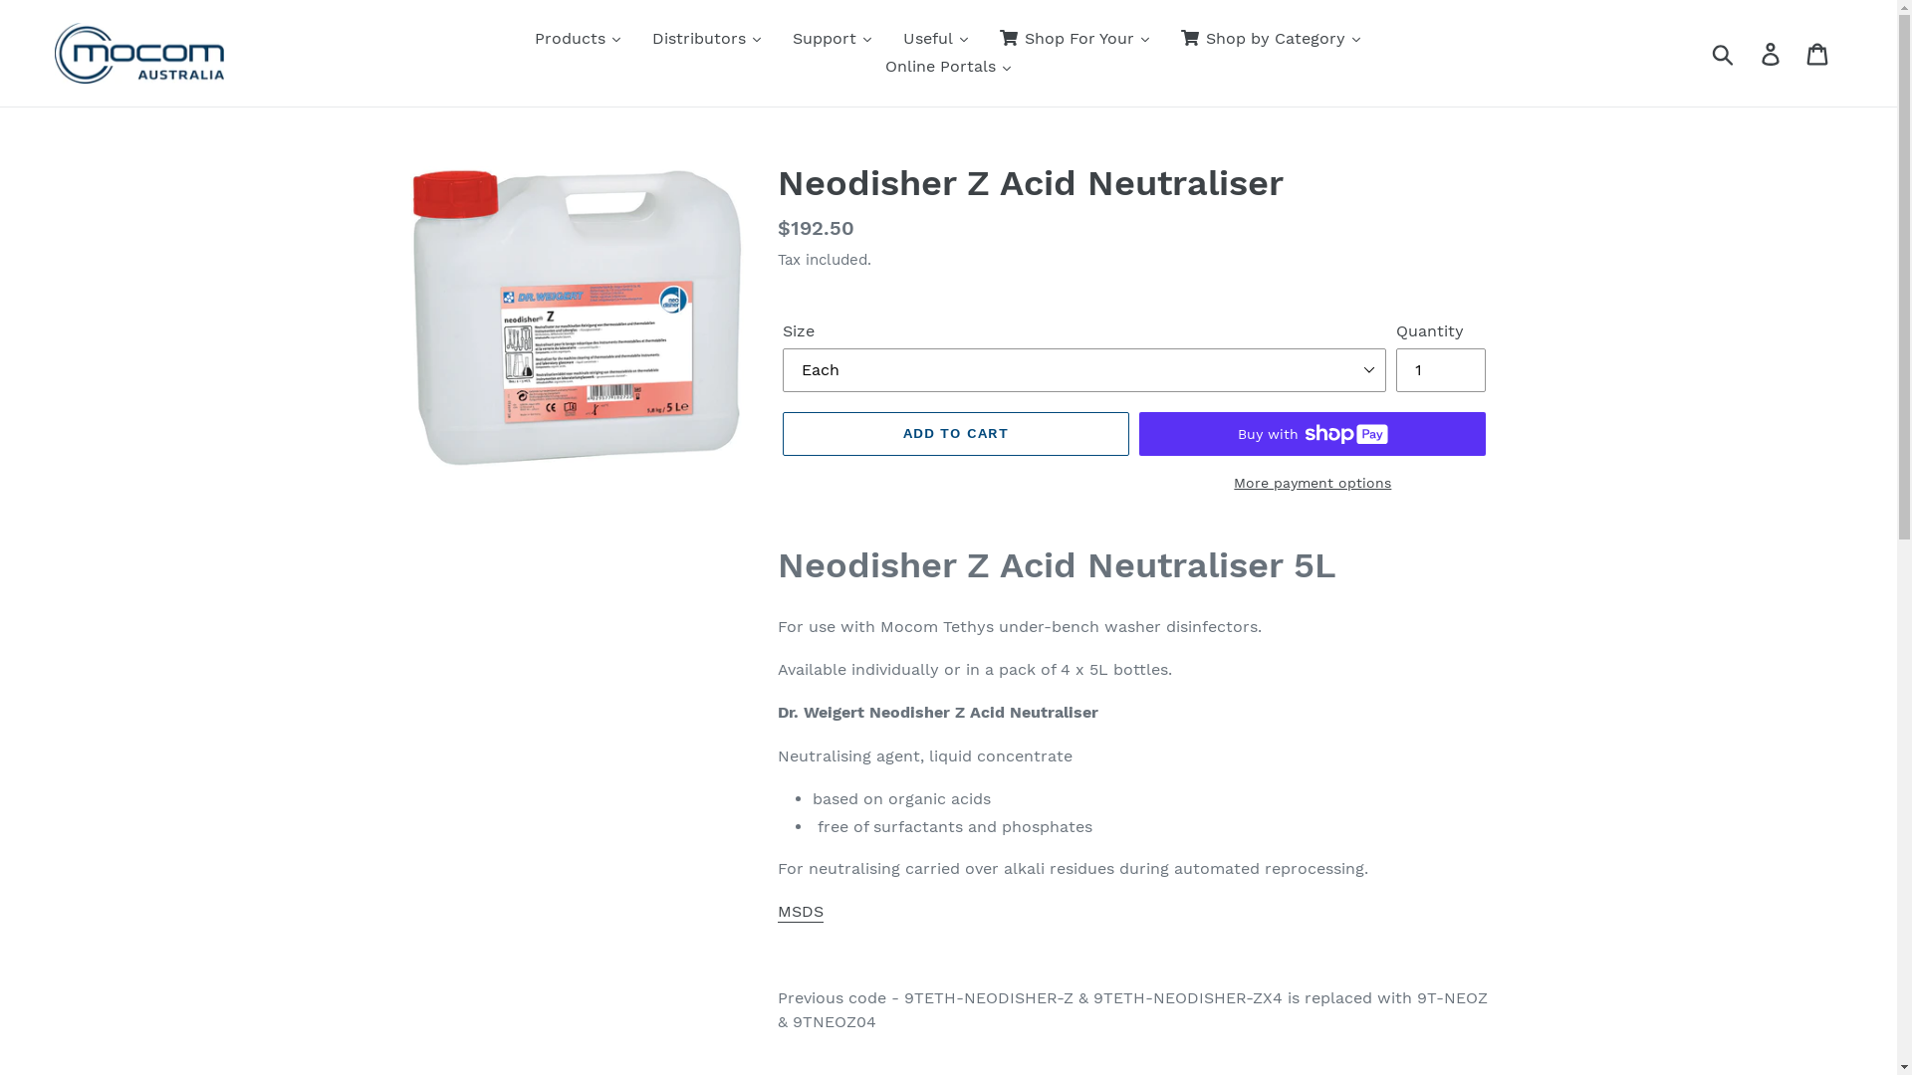  I want to click on 'MSDS', so click(801, 912).